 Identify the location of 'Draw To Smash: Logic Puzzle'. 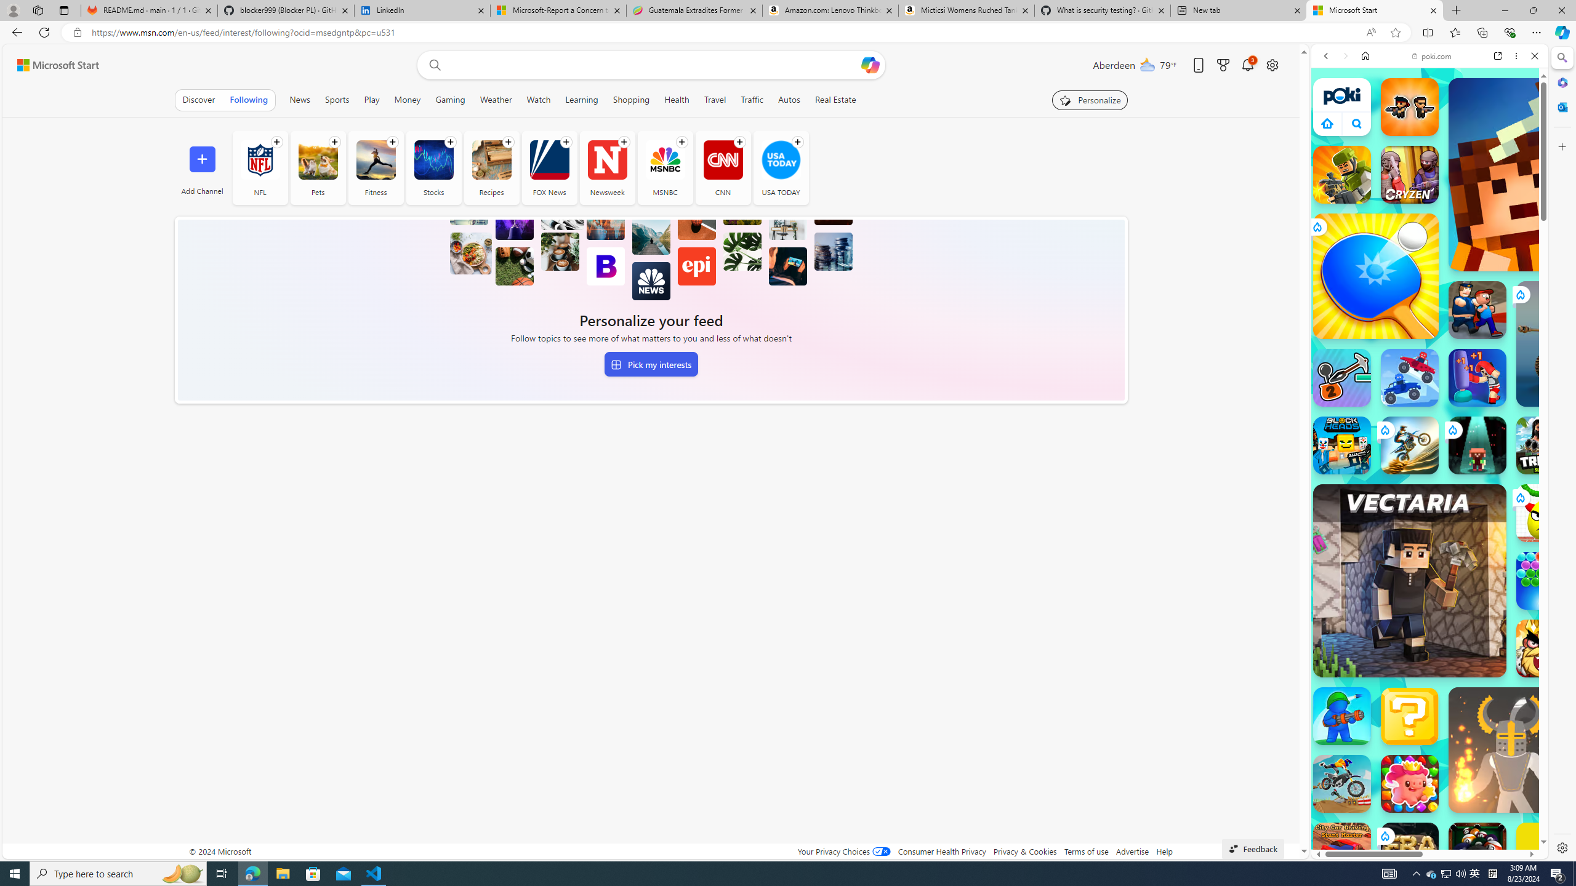
(1545, 513).